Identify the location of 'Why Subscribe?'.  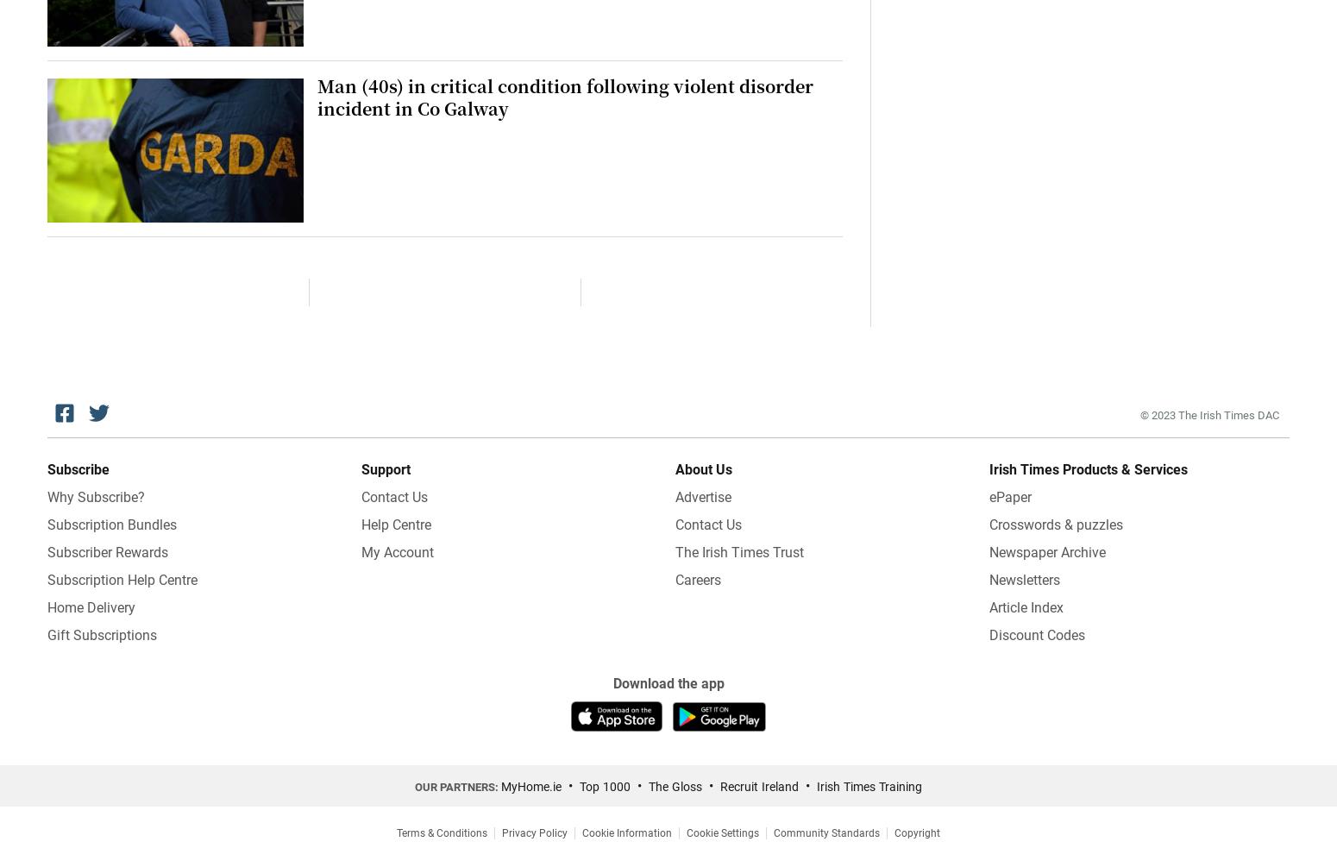
(96, 495).